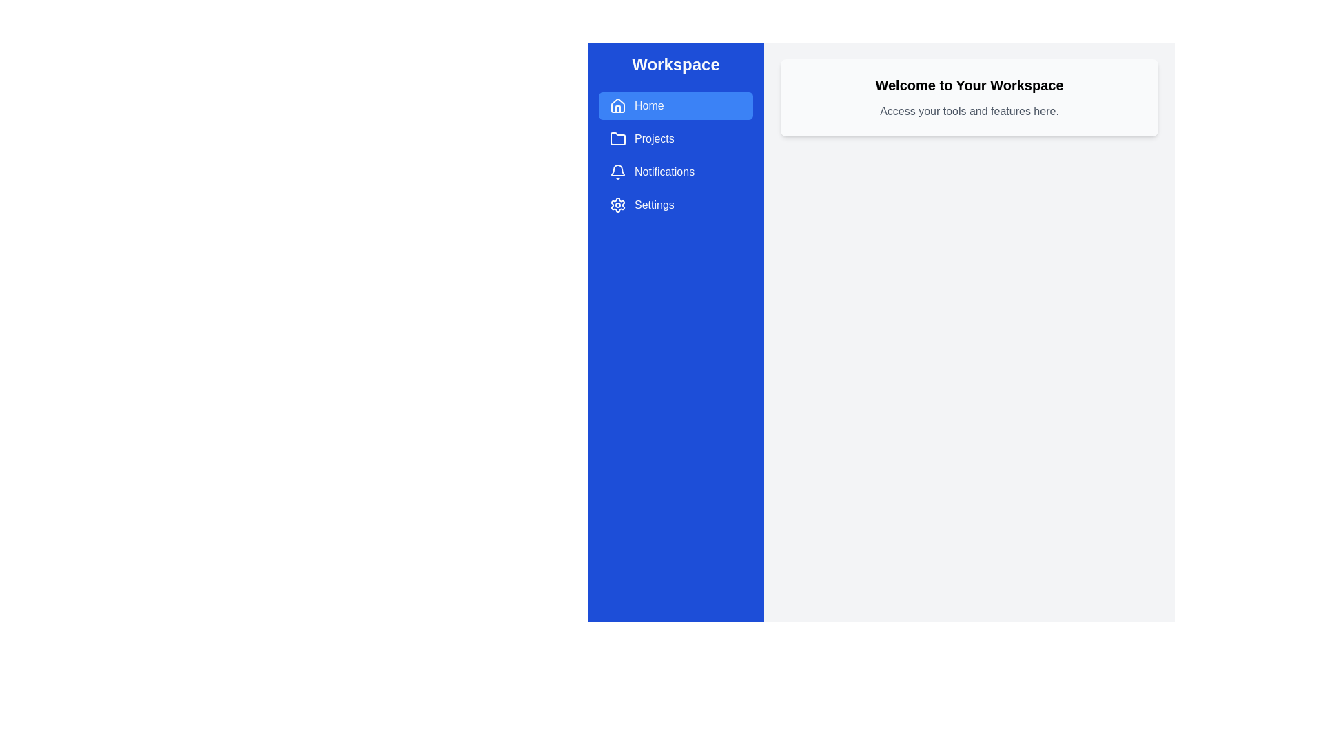  I want to click on the 'Settings' link, so click(675, 205).